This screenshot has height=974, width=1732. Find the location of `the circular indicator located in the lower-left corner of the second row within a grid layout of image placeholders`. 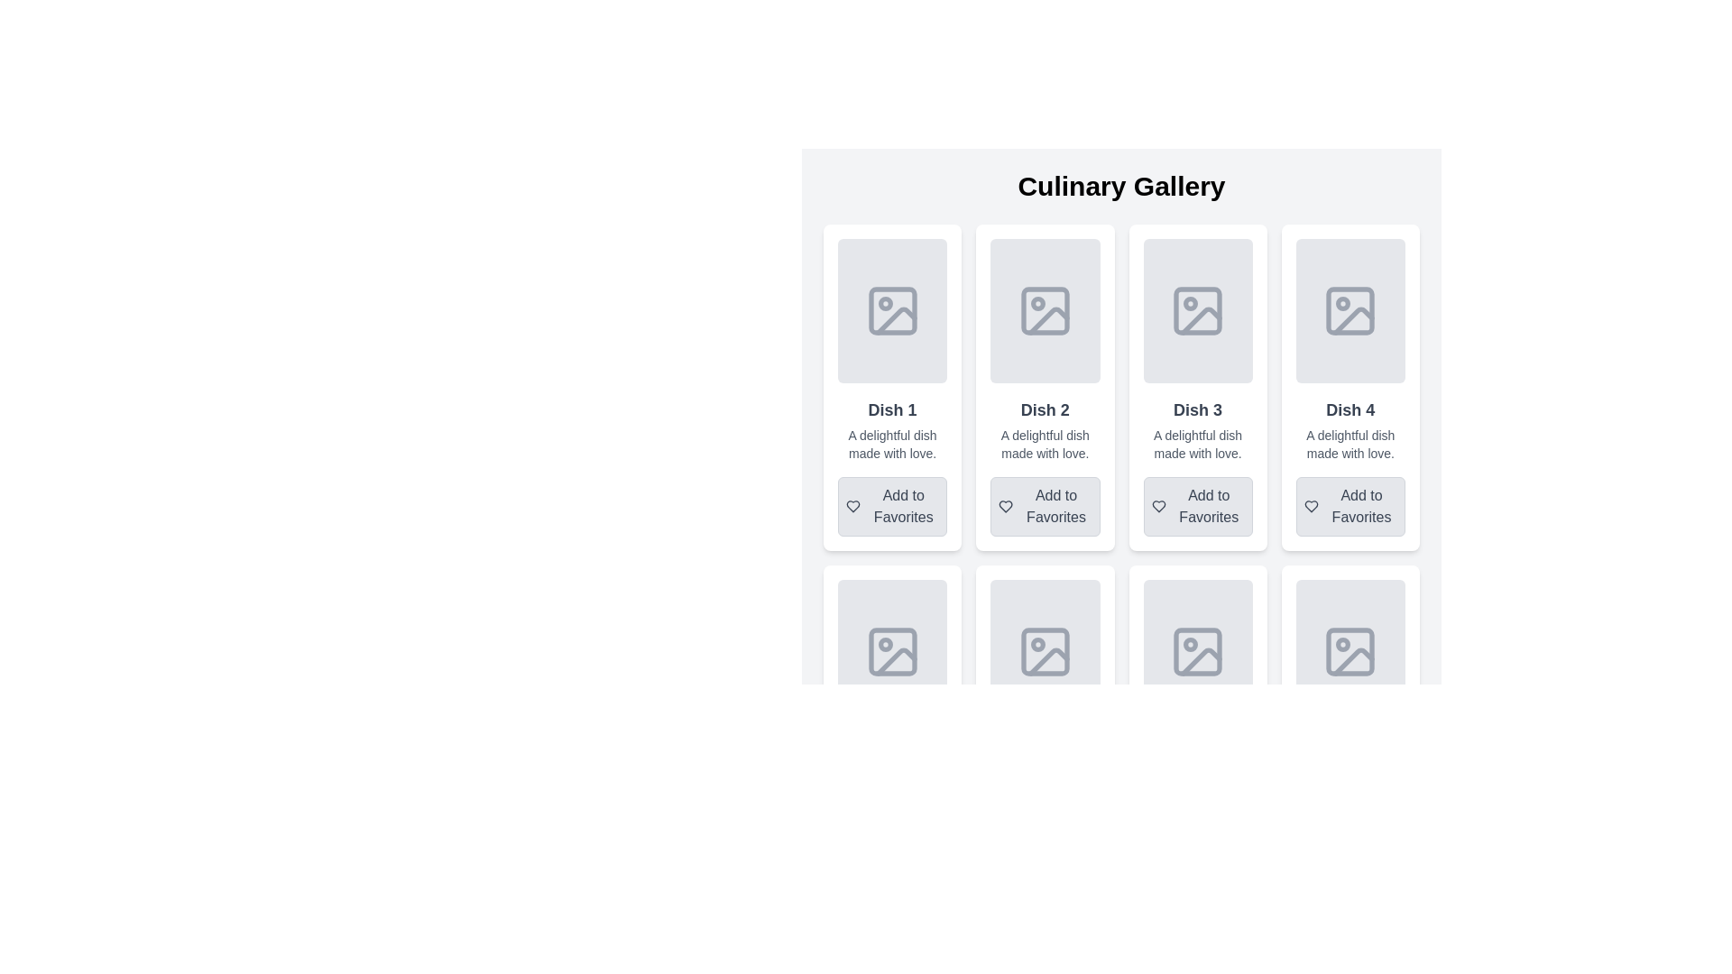

the circular indicator located in the lower-left corner of the second row within a grid layout of image placeholders is located at coordinates (885, 643).